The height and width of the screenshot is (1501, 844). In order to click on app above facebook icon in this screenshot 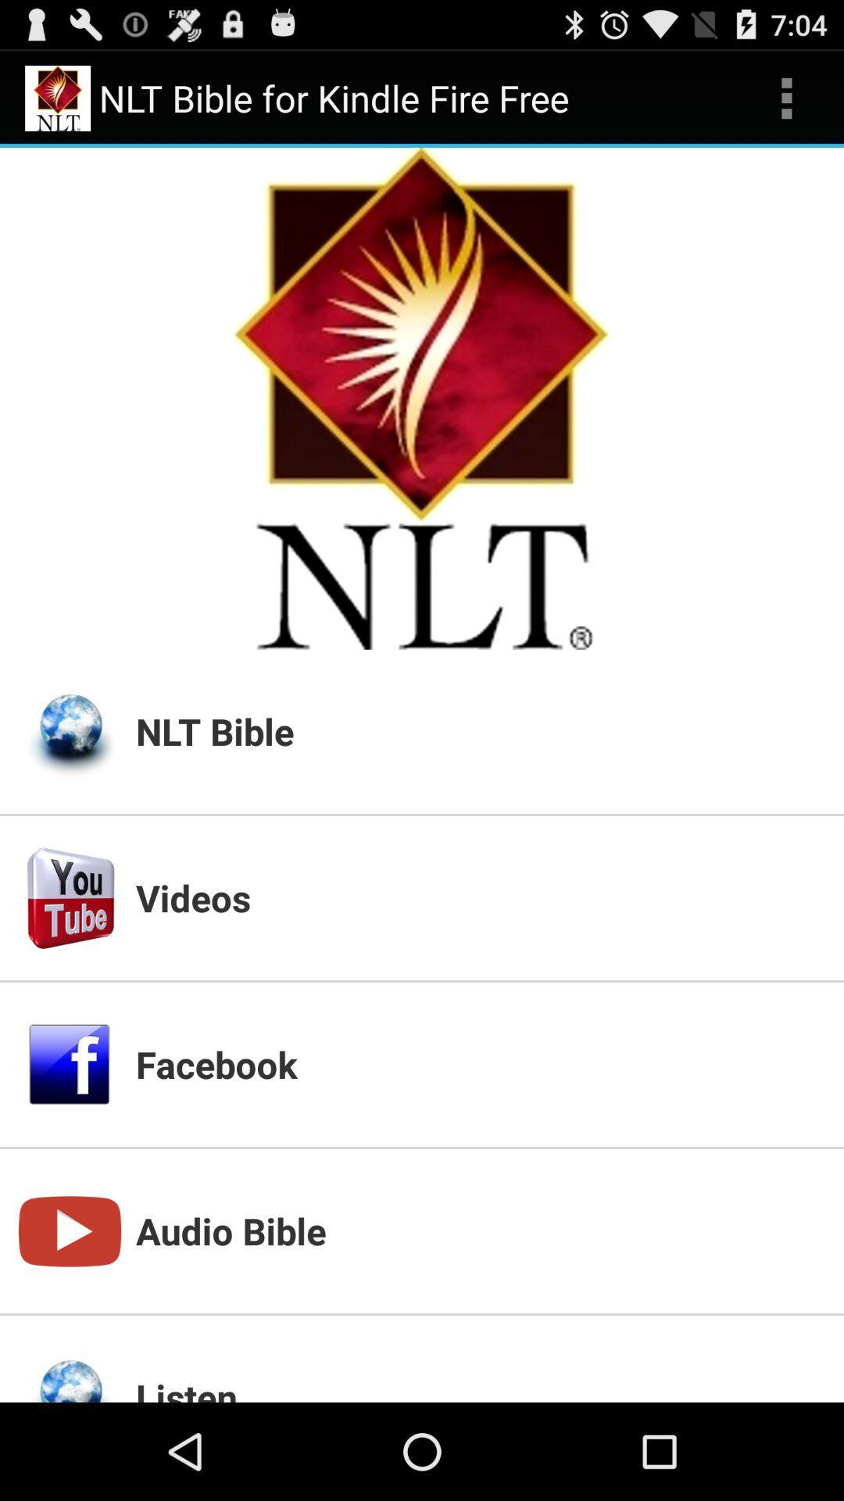, I will do `click(479, 897)`.